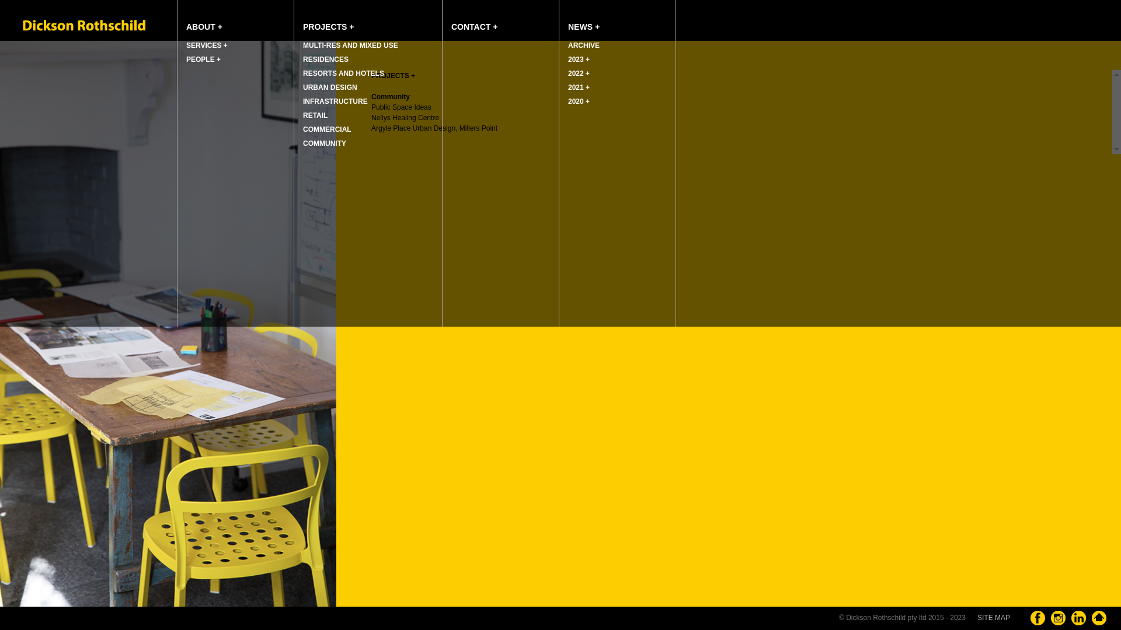  I want to click on 'URBAN DESIGN', so click(367, 87).